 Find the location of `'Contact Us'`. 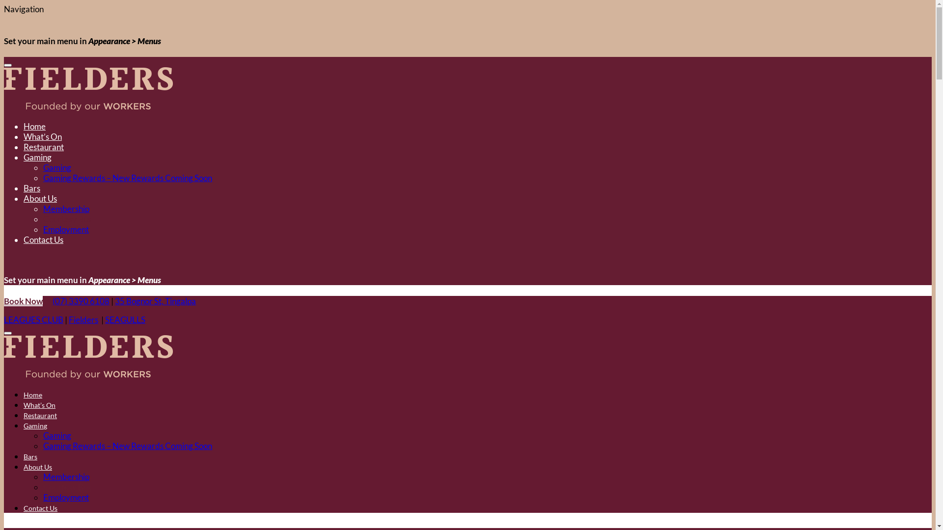

'Contact Us' is located at coordinates (43, 239).